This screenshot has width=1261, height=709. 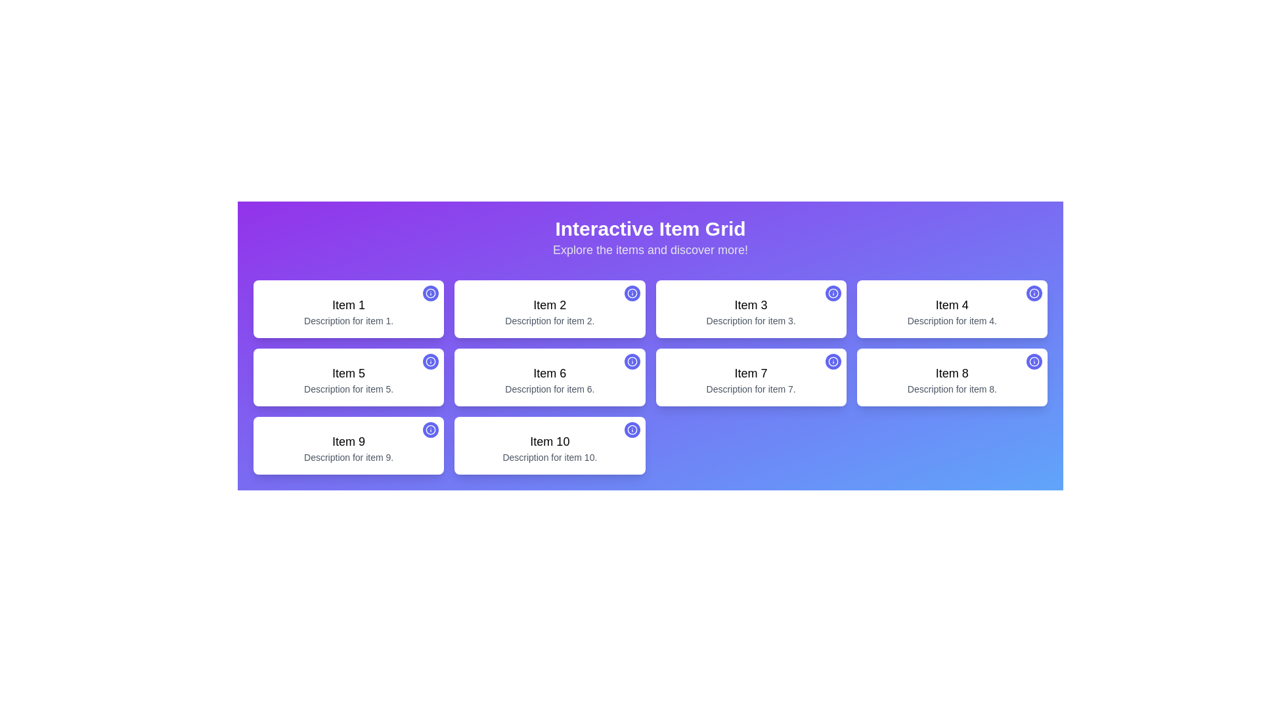 I want to click on descriptive text located beneath the main title 'Item 3' in the third card of the grid, so click(x=751, y=321).